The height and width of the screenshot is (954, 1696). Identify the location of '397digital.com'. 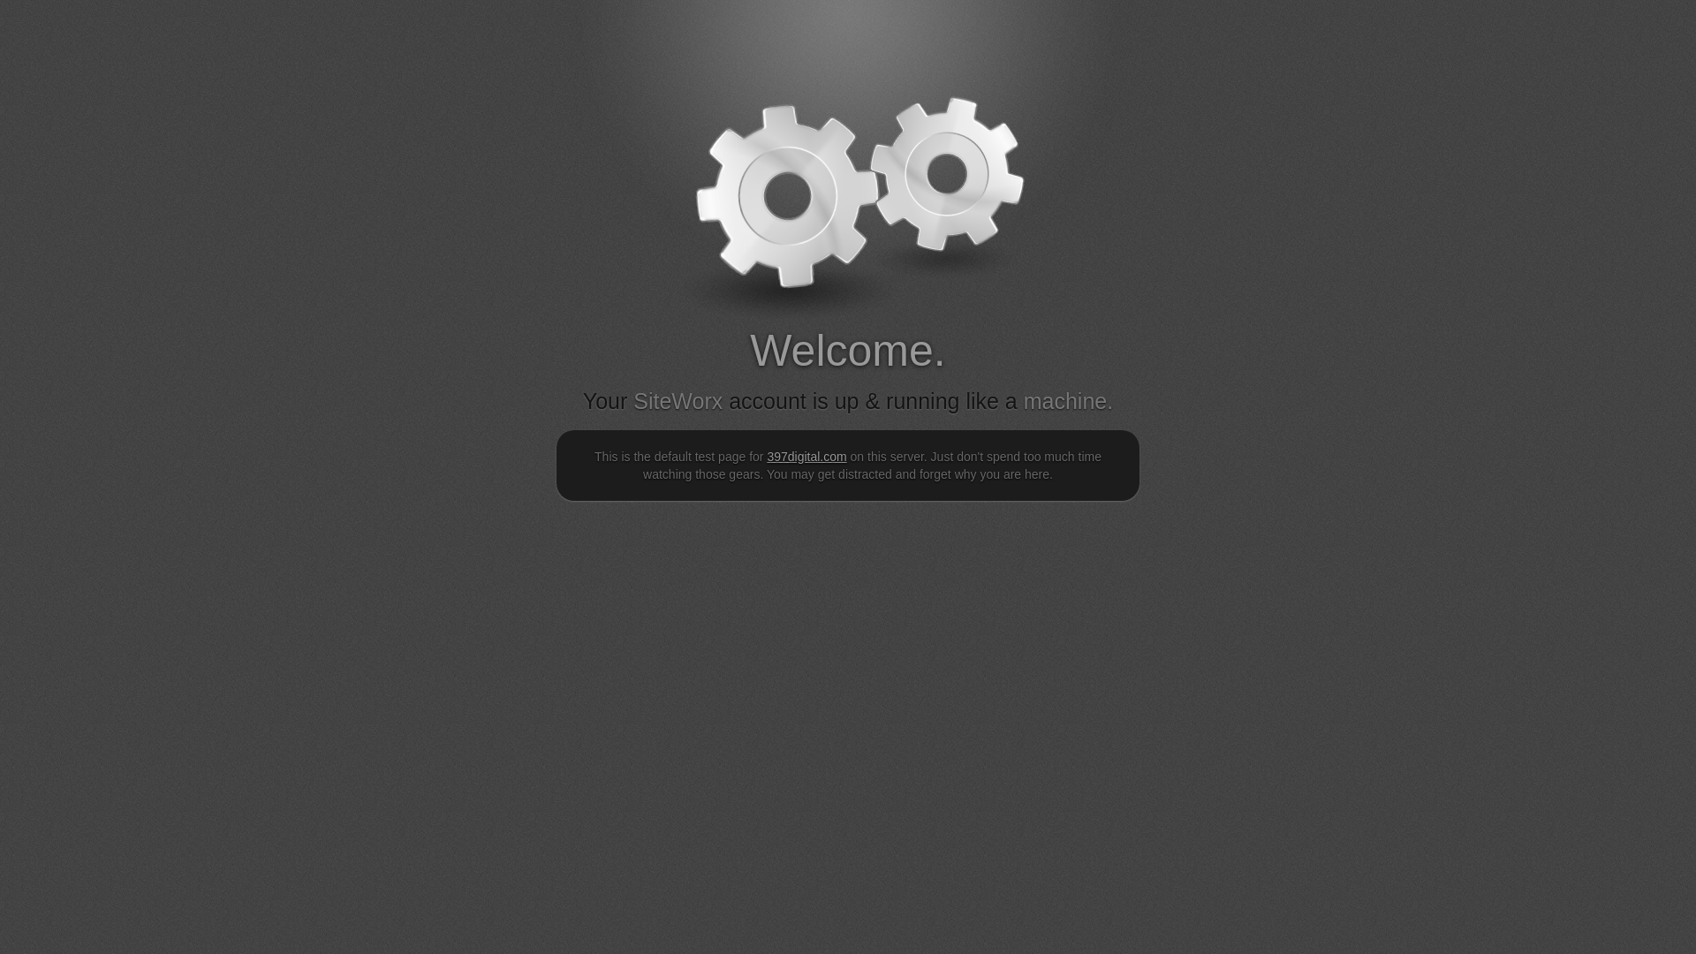
(805, 455).